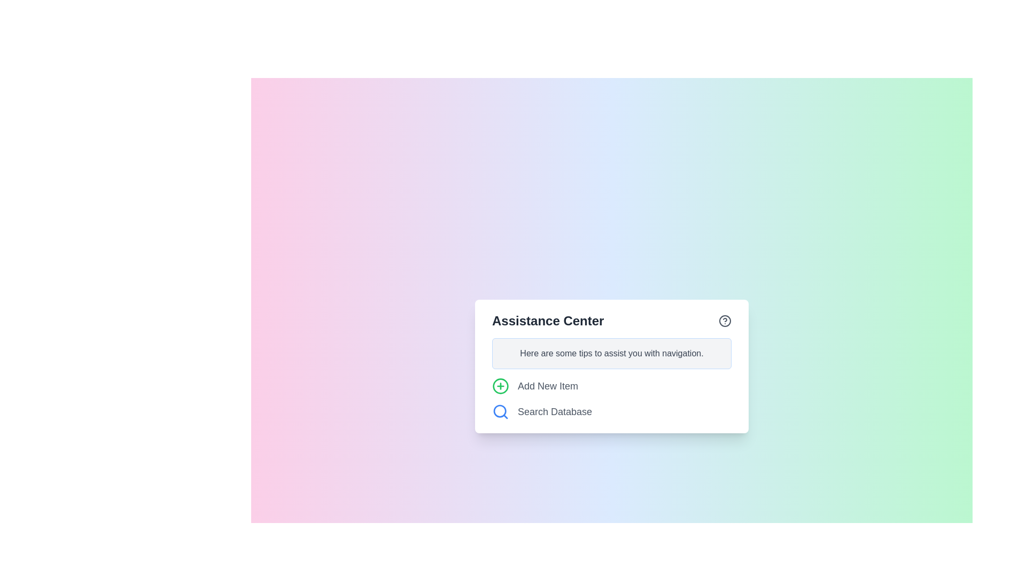 This screenshot has height=577, width=1026. Describe the element at coordinates (499, 410) in the screenshot. I see `the SVG Circle that is part of the magnifying glass icon, located after the 'Search Database' text in the Assistance Center panel` at that location.